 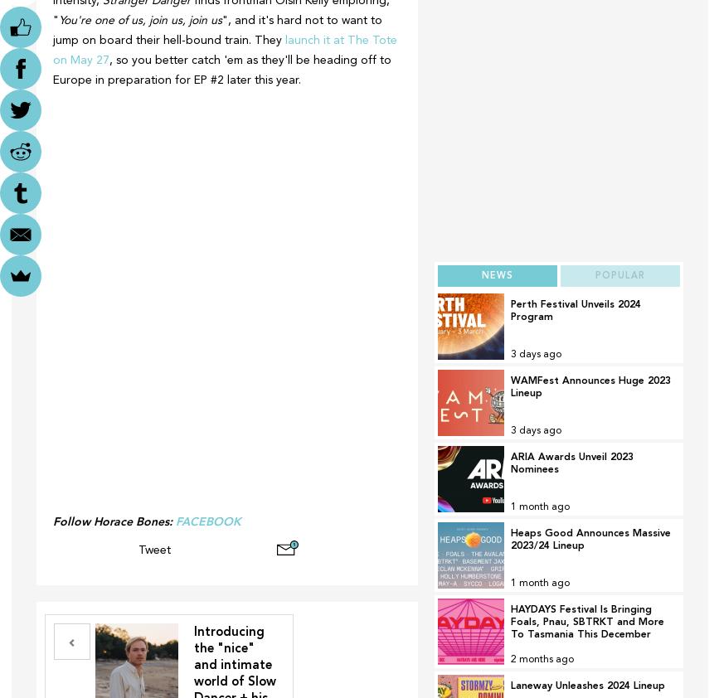 I want to click on 'ARIA Awards Unveil 2023 Nominees', so click(x=571, y=462).